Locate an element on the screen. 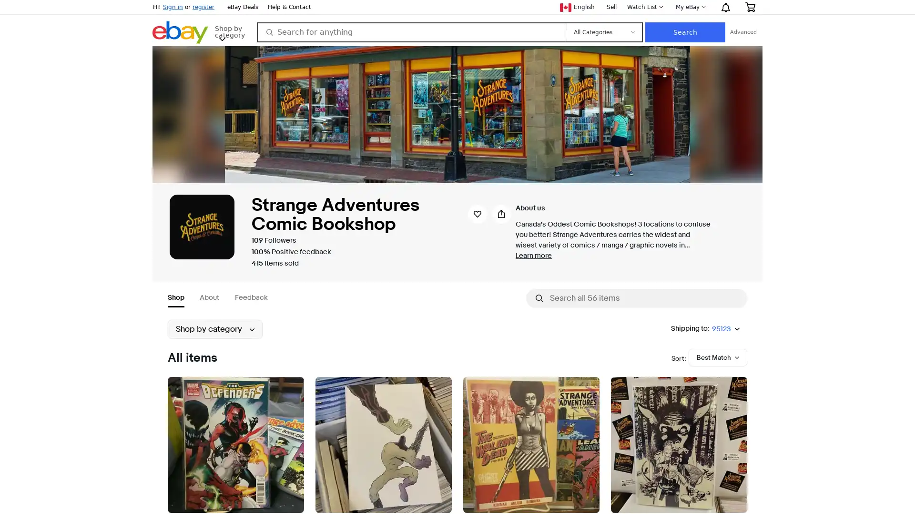 The width and height of the screenshot is (915, 514). Shop by category is located at coordinates (232, 30).